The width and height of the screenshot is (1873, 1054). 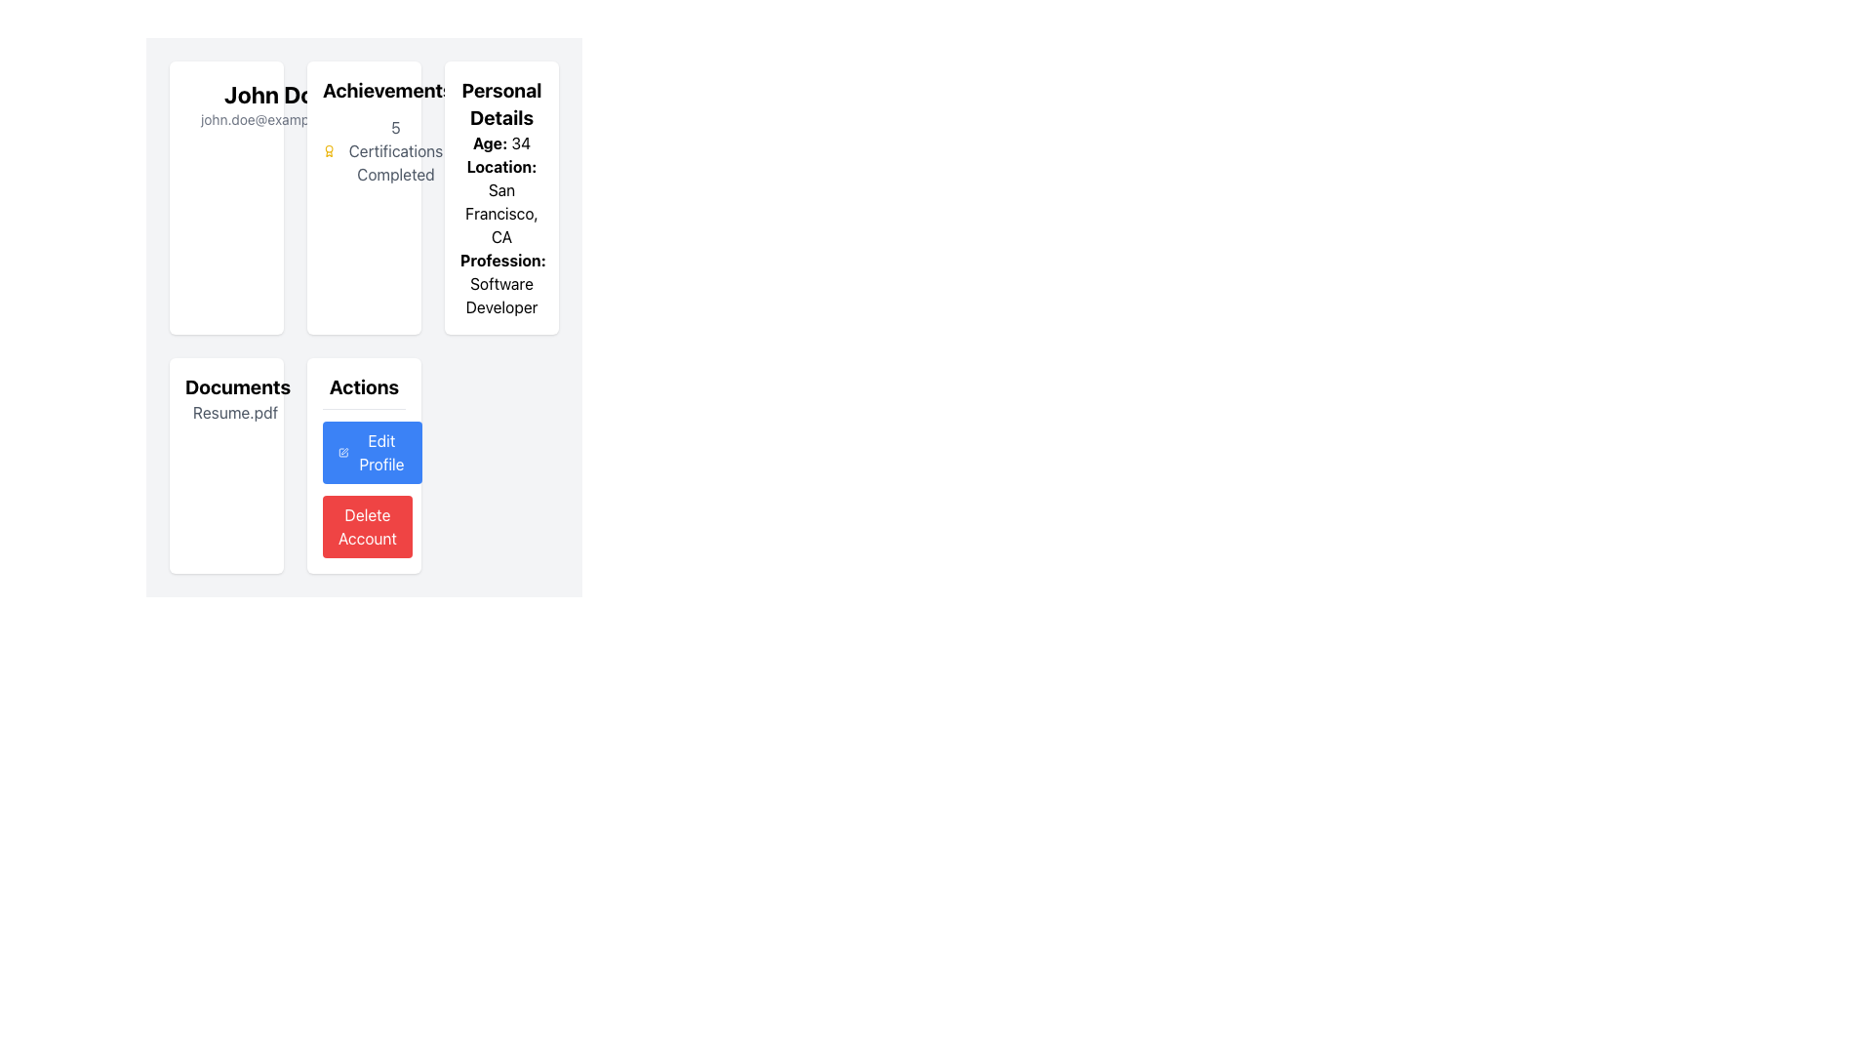 What do you see at coordinates (275, 104) in the screenshot?
I see `text content displayed in the Text Information Block, which shows the user's name 'John Doe' in bold and email 'john.doe@example.com' below it` at bounding box center [275, 104].